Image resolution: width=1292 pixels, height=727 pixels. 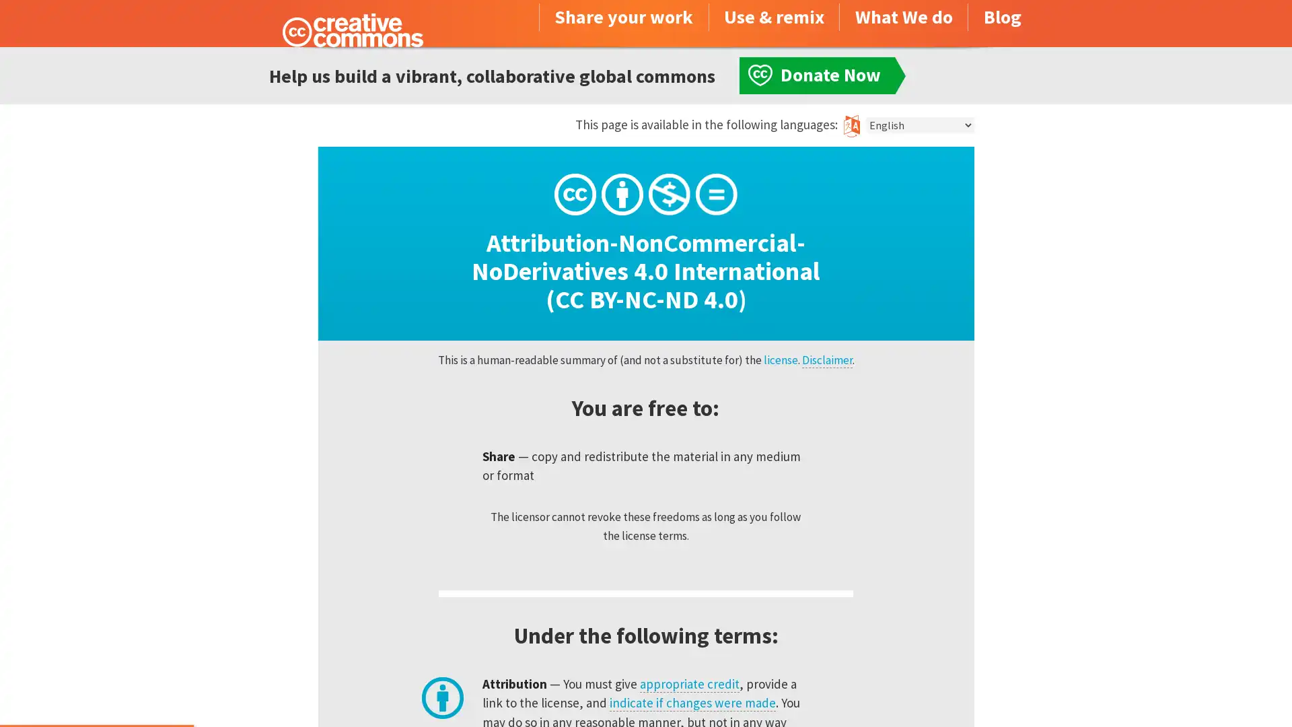 What do you see at coordinates (96, 691) in the screenshot?
I see `Donate Now` at bounding box center [96, 691].